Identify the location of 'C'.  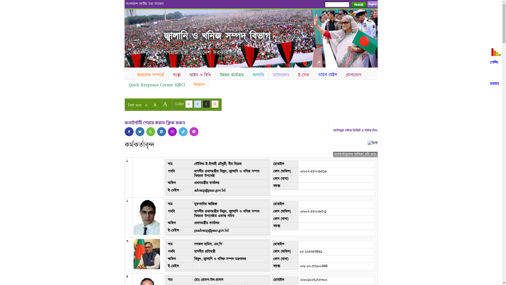
(188, 104).